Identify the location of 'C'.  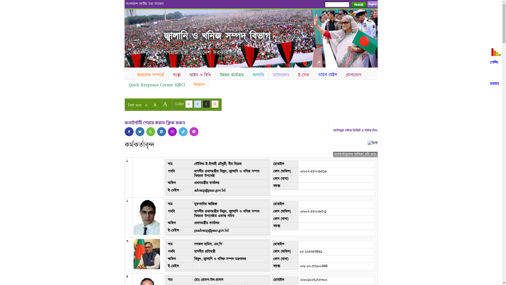
(188, 104).